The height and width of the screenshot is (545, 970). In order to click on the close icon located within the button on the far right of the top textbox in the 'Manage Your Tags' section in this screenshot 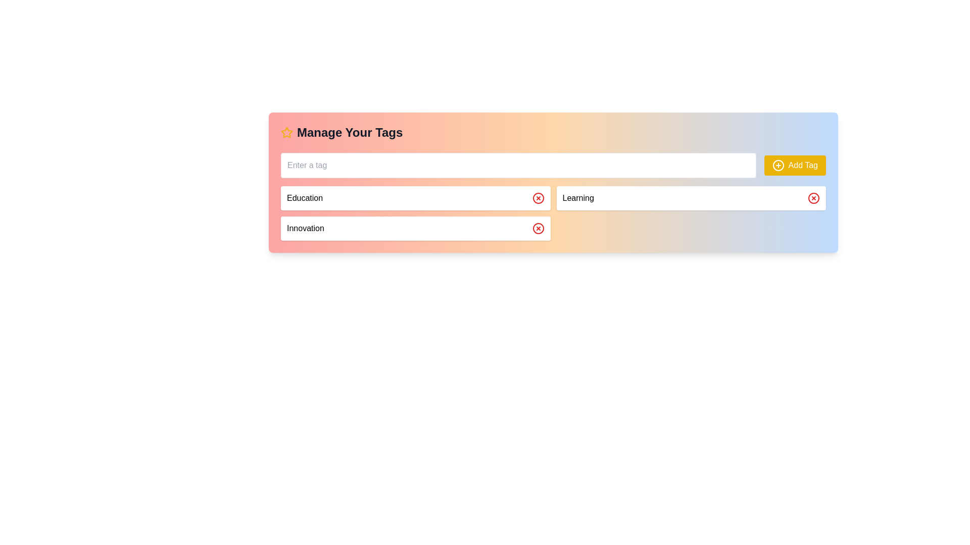, I will do `click(538, 198)`.